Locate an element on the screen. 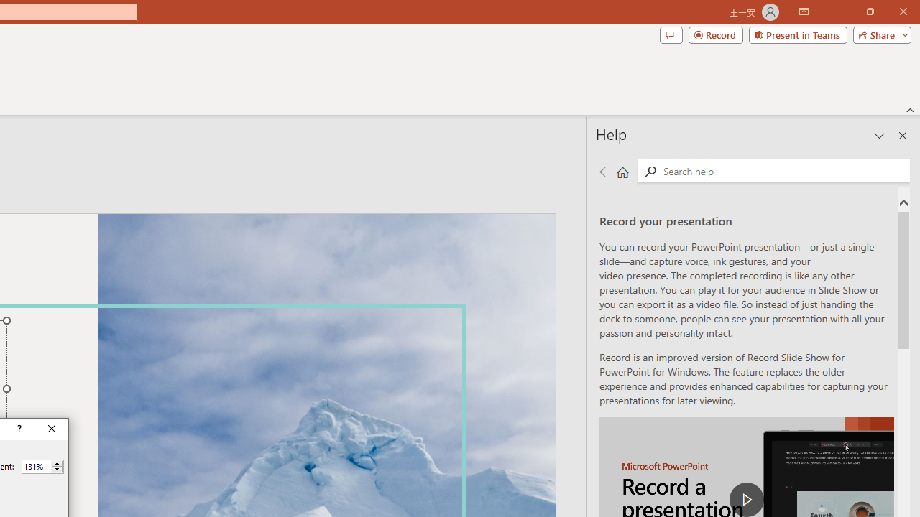 The height and width of the screenshot is (517, 920). 'Previous page' is located at coordinates (604, 171).